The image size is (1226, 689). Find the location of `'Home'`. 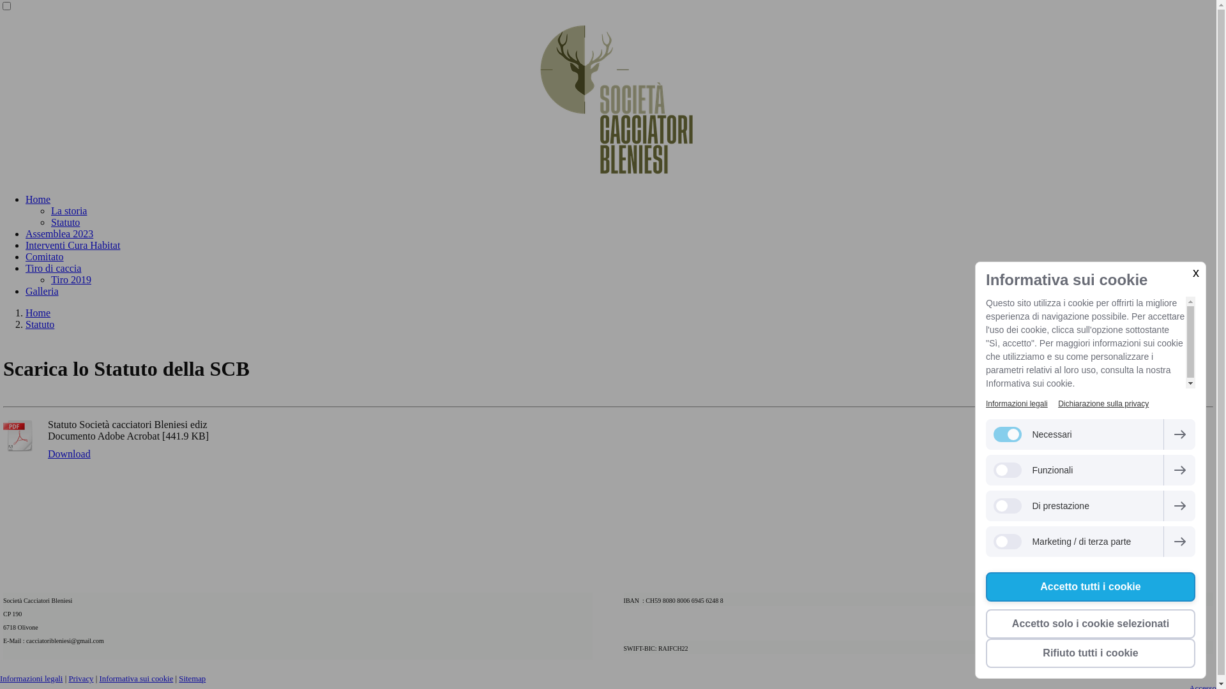

'Home' is located at coordinates (38, 199).